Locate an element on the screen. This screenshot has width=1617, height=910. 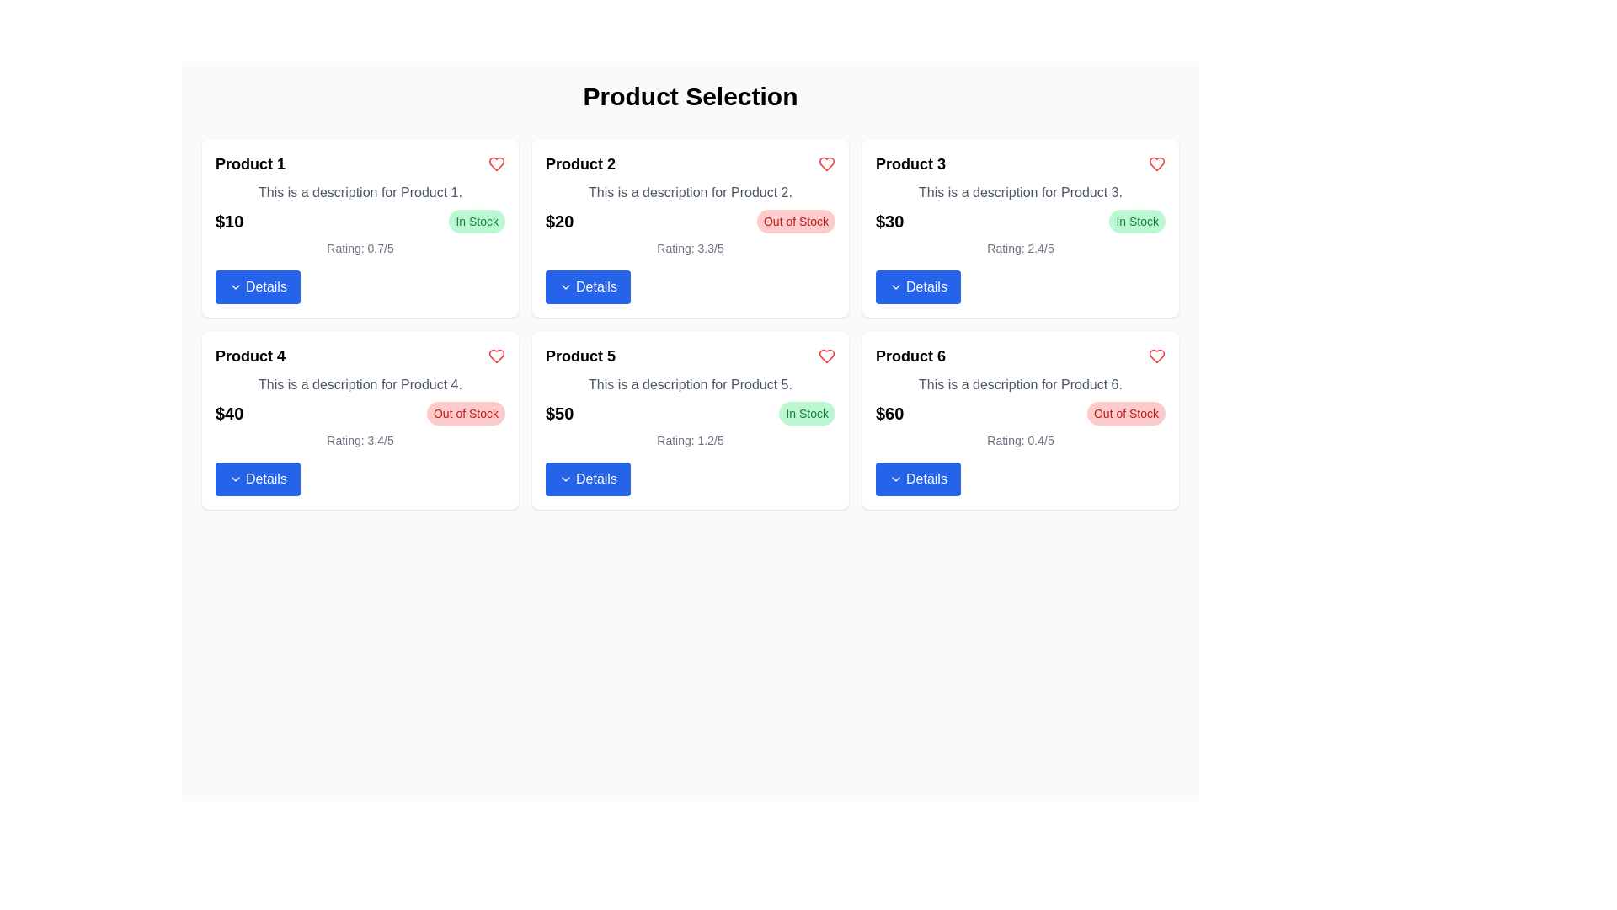
the text label that contains the phrase 'This is a description for Product 3.' located in the third card of the second row, beneath the header 'Product 3' is located at coordinates (1019, 191).